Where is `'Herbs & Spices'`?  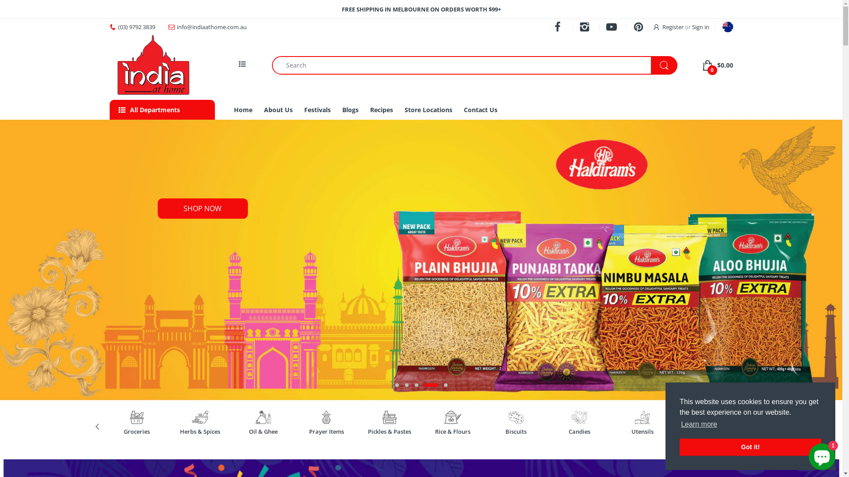
'Herbs & Spices' is located at coordinates (199, 431).